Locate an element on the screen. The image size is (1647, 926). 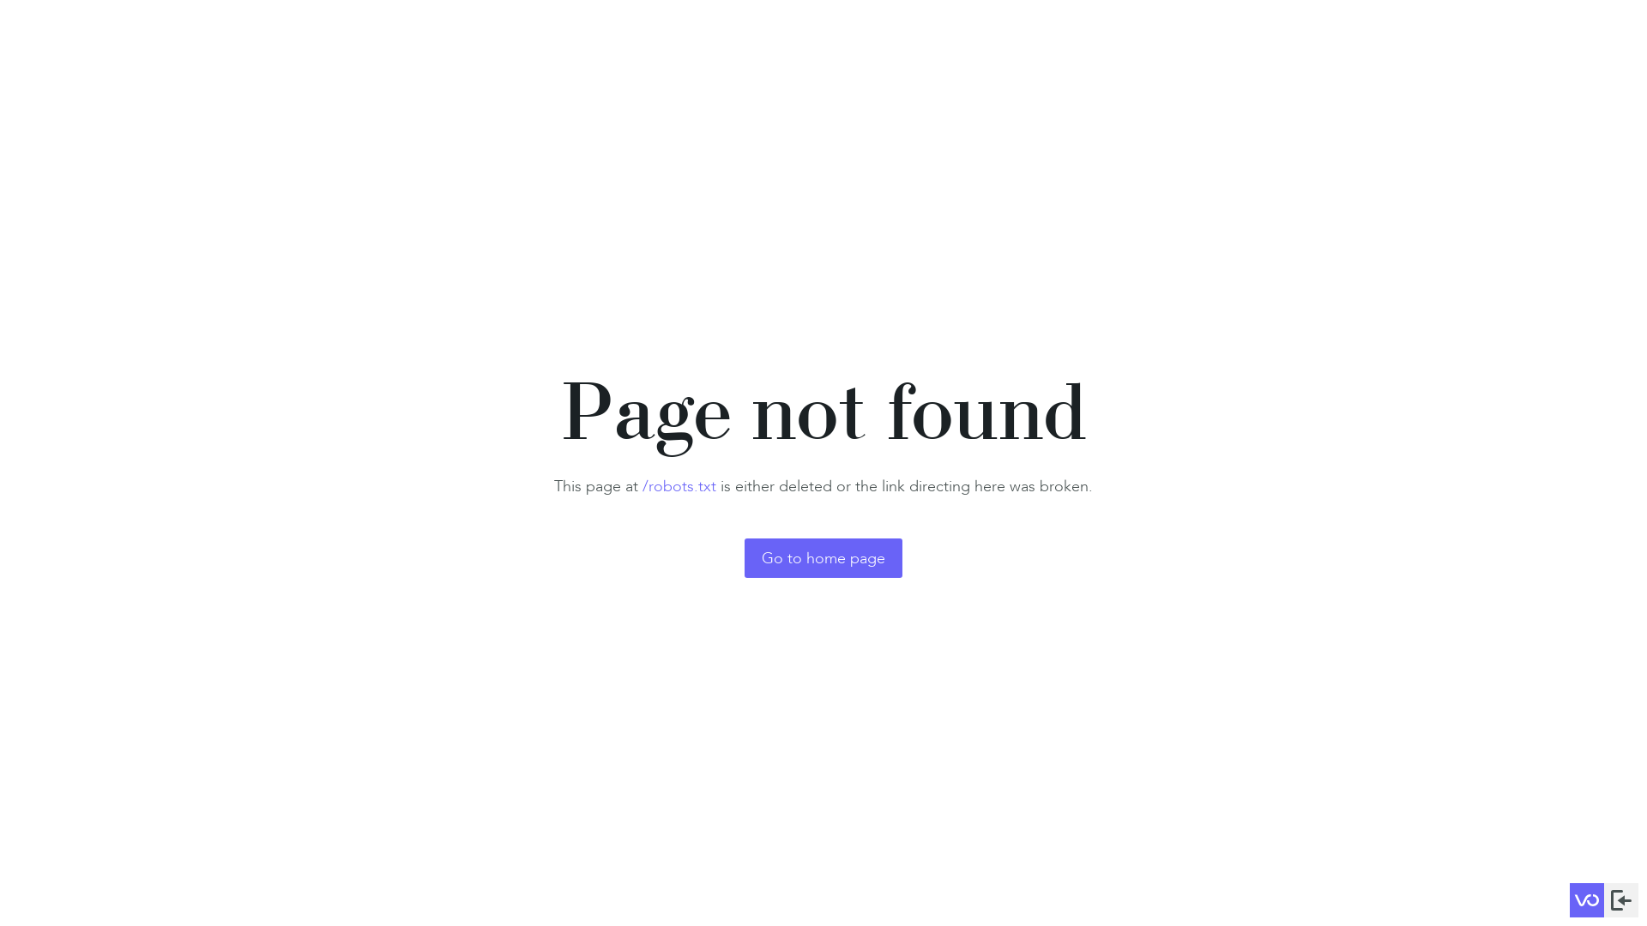
'Go to home page' is located at coordinates (823, 558).